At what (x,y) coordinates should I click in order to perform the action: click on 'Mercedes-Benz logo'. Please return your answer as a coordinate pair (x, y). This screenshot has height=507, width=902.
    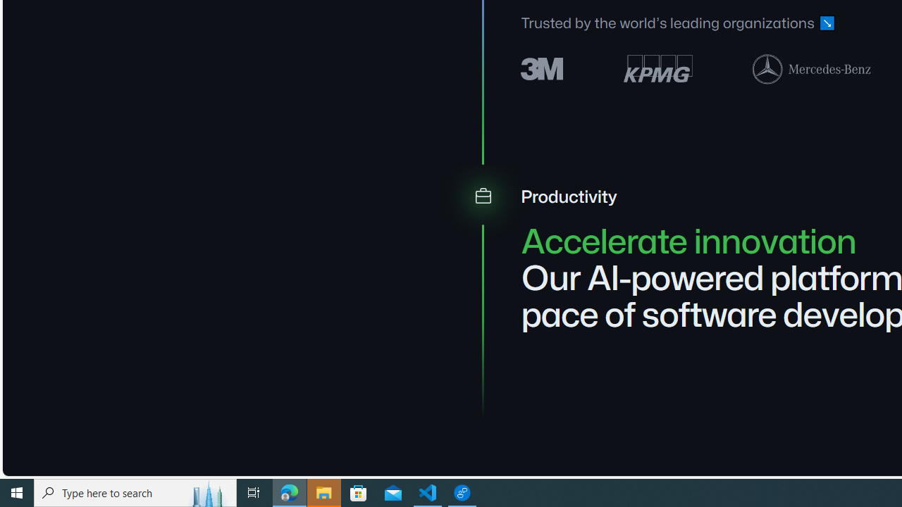
    Looking at the image, I should click on (812, 68).